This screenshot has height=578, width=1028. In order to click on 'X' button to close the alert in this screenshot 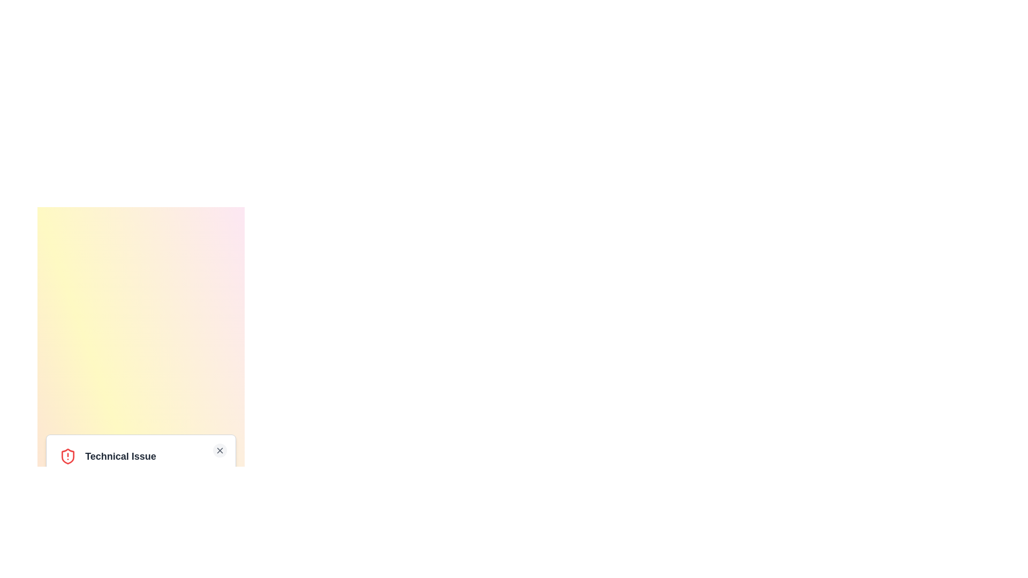, I will do `click(219, 450)`.